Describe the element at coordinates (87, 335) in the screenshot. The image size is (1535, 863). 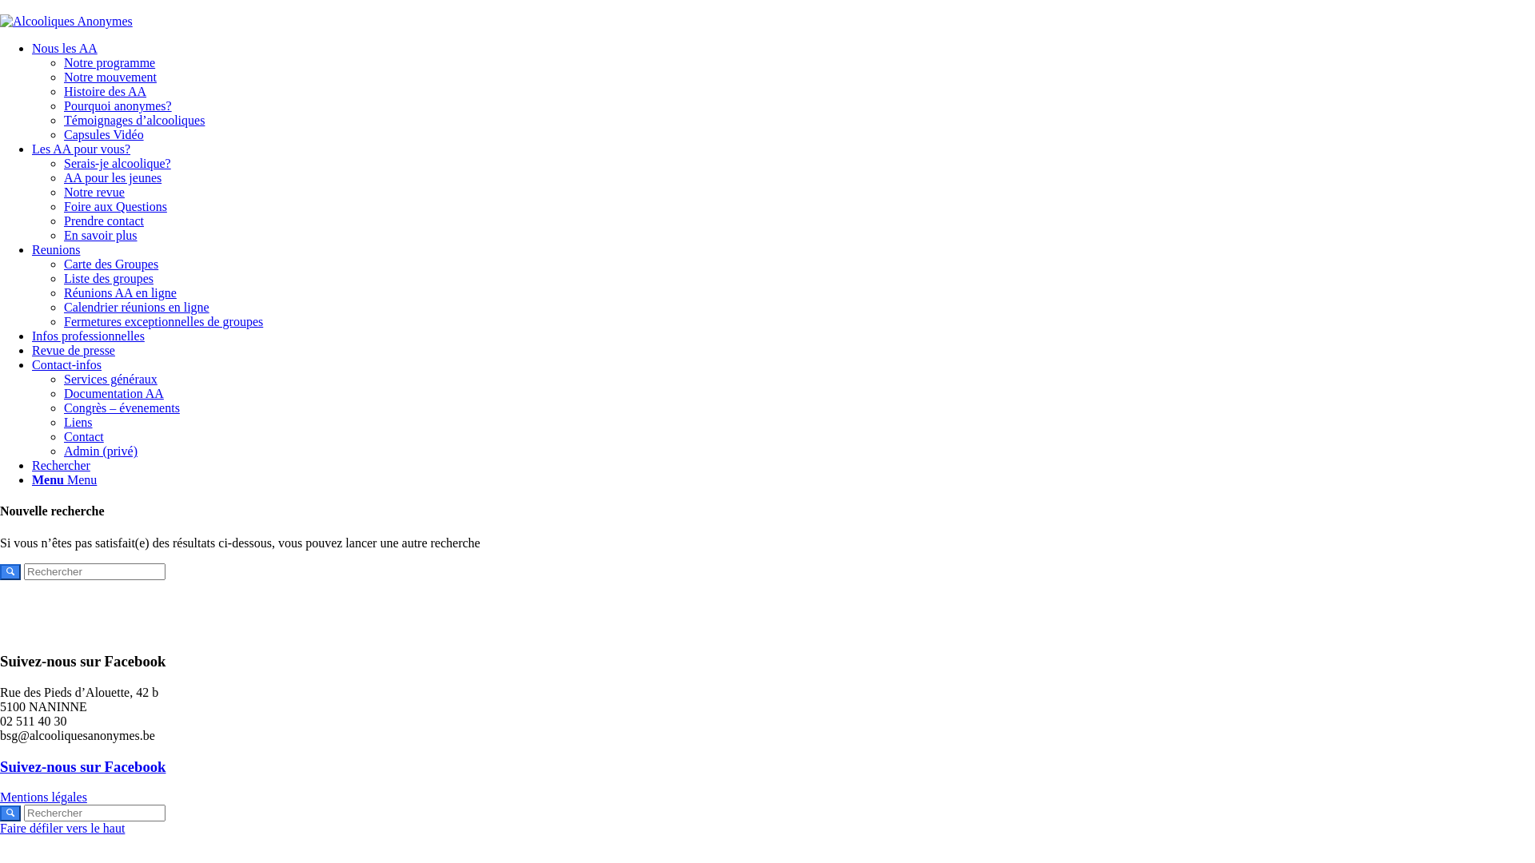
I see `'Infos professionnelles'` at that location.